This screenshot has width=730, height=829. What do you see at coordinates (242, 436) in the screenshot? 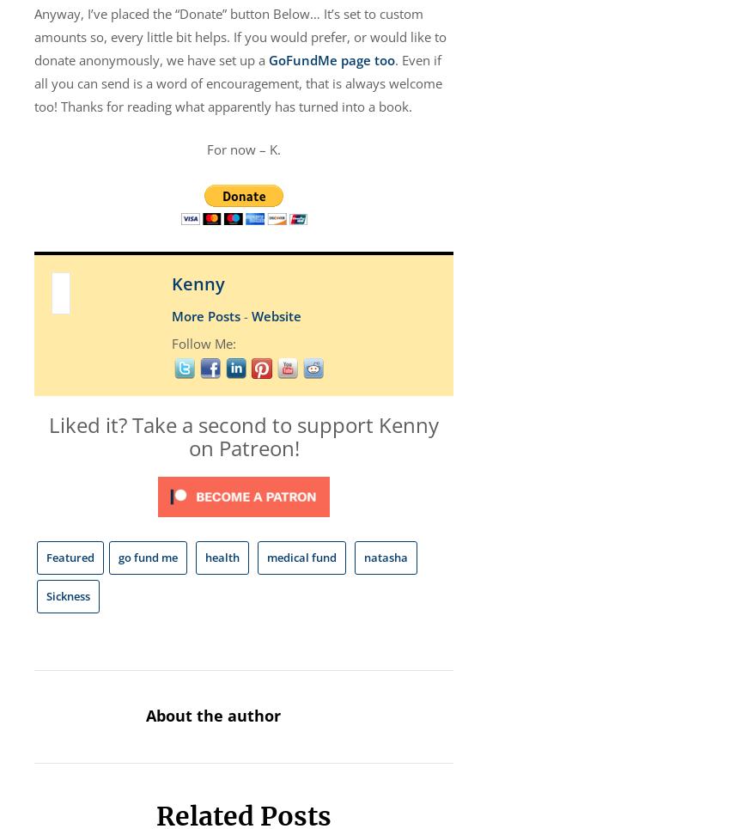
I see `'Liked it? Take a second to support Kenny on Patreon!'` at bounding box center [242, 436].